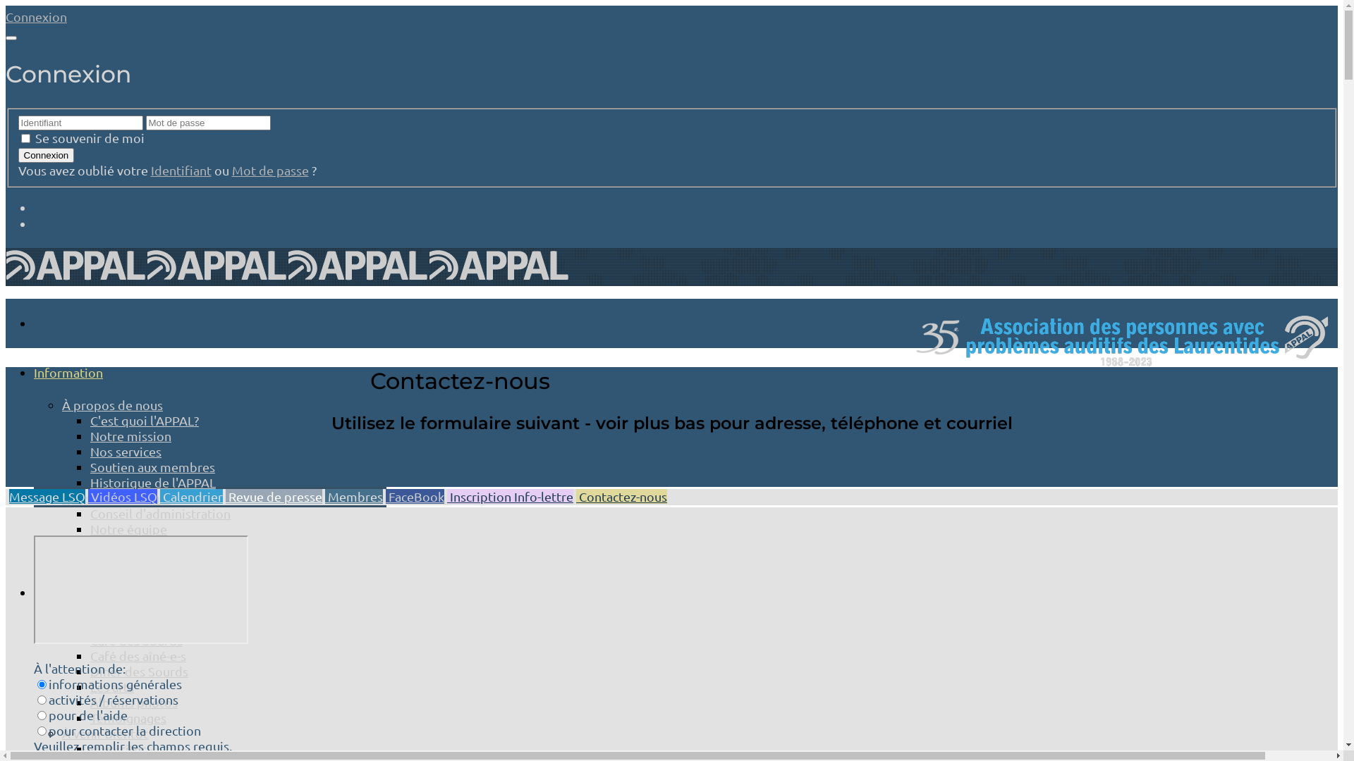  Describe the element at coordinates (145, 419) in the screenshot. I see `'C'est quoi l'APPAL?'` at that location.